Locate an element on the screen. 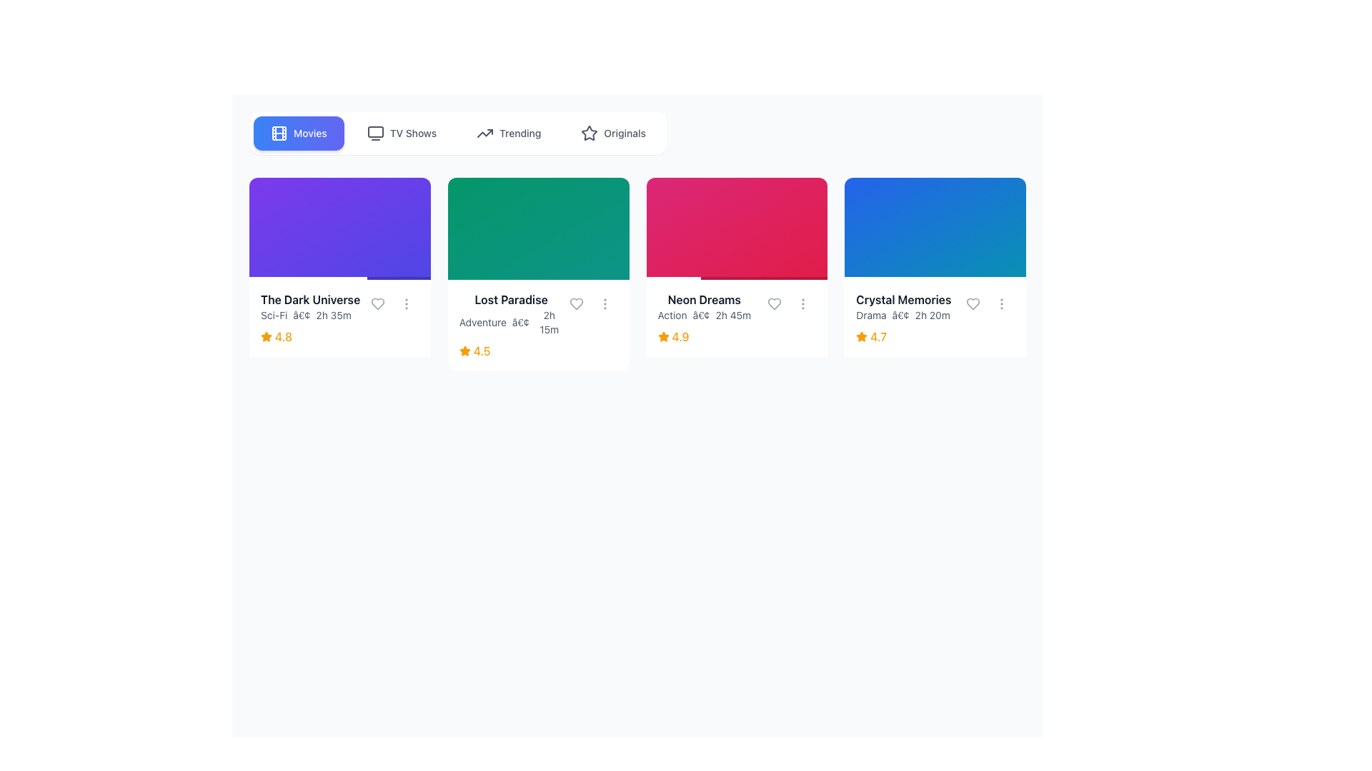 The image size is (1372, 771). the favorite icon button located at the top-right corner of the movie card for 'The Dark Universe' is located at coordinates (377, 303).